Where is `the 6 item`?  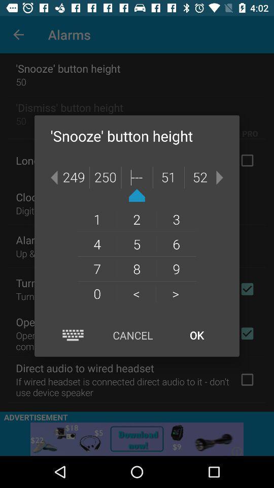 the 6 item is located at coordinates (176, 244).